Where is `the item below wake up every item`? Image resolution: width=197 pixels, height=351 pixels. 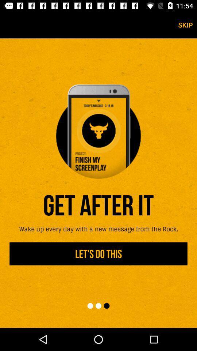 the item below wake up every item is located at coordinates (98, 254).